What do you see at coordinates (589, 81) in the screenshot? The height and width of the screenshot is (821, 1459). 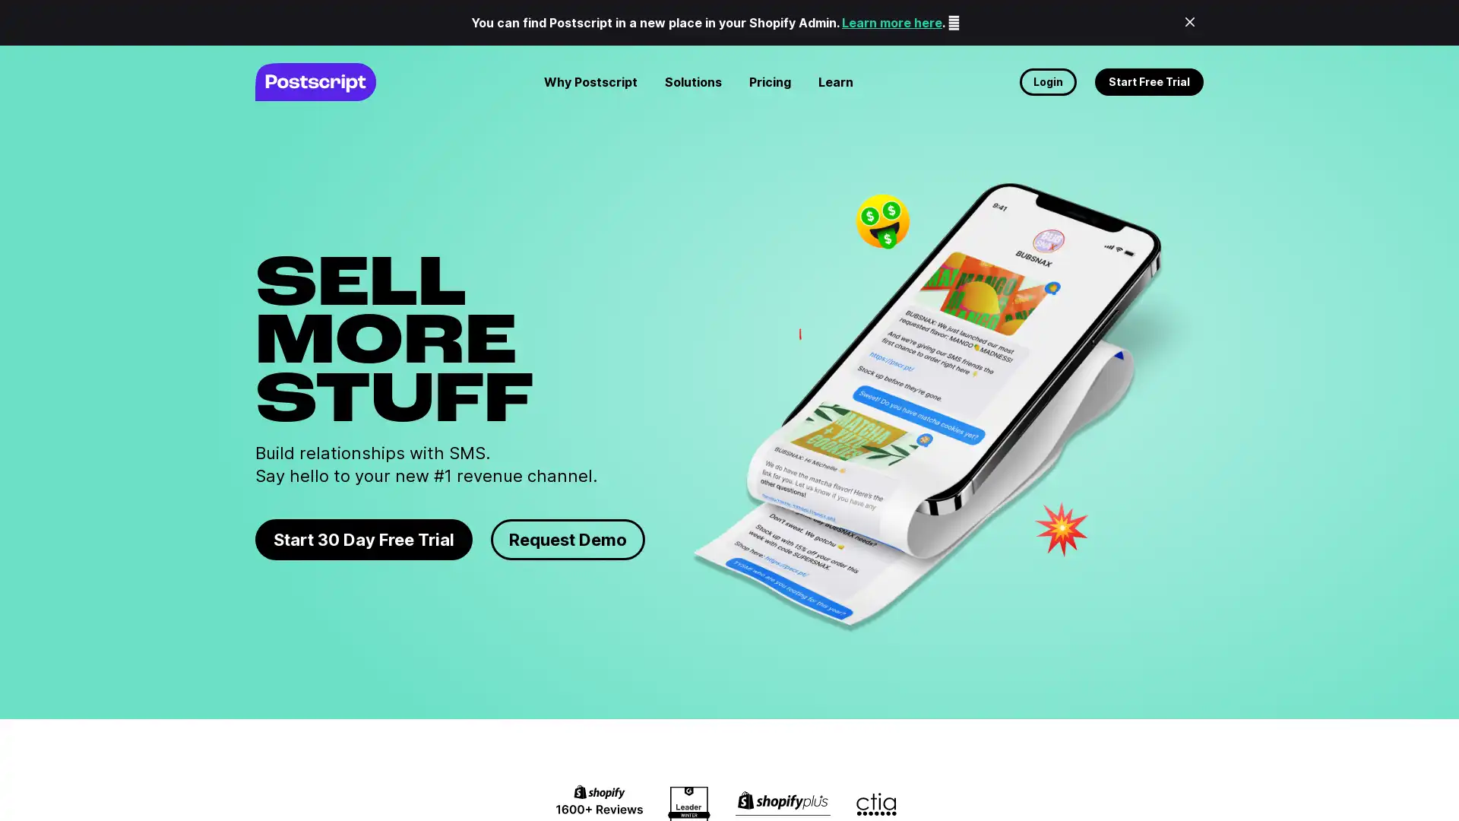 I see `Why Postscript` at bounding box center [589, 81].